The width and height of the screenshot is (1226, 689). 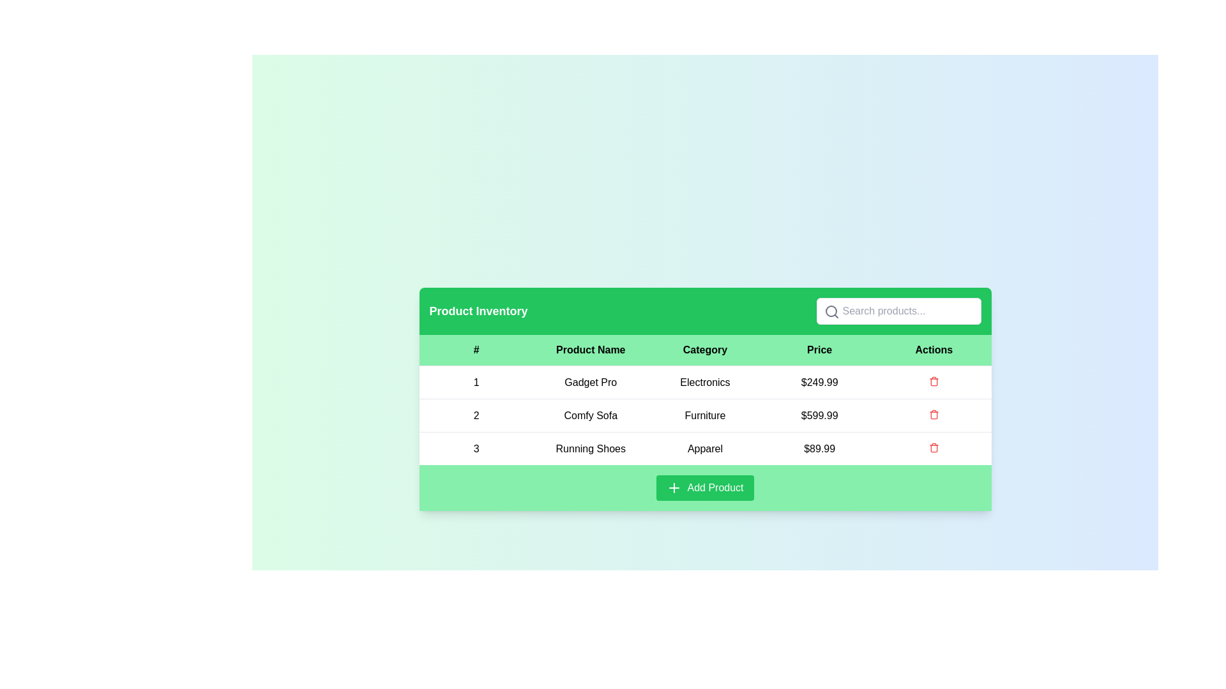 I want to click on the price text label for the 'Running Shoes' product, which is located in the fourth column of the third row in the table under the 'Price' column header, so click(x=819, y=448).